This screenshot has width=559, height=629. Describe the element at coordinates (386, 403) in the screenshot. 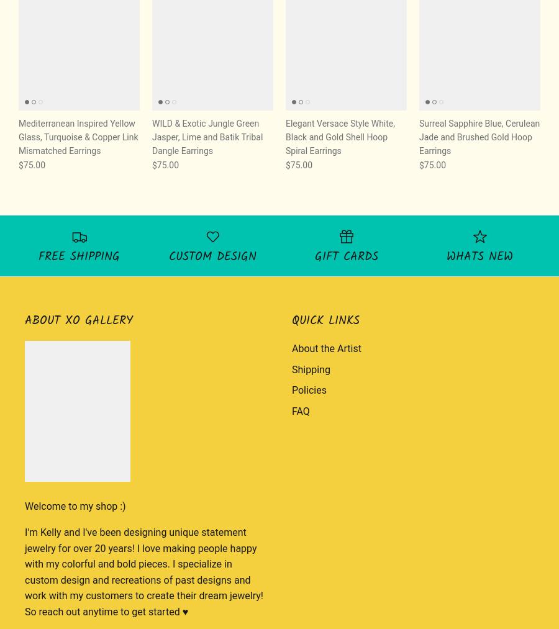

I see `'Faroe Islands'` at that location.